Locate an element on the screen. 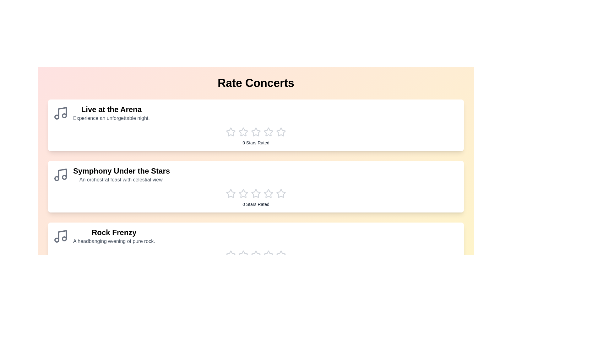 This screenshot has height=339, width=603. the star corresponding to the rating 2 for the concert Symphony Under the Stars is located at coordinates (243, 193).